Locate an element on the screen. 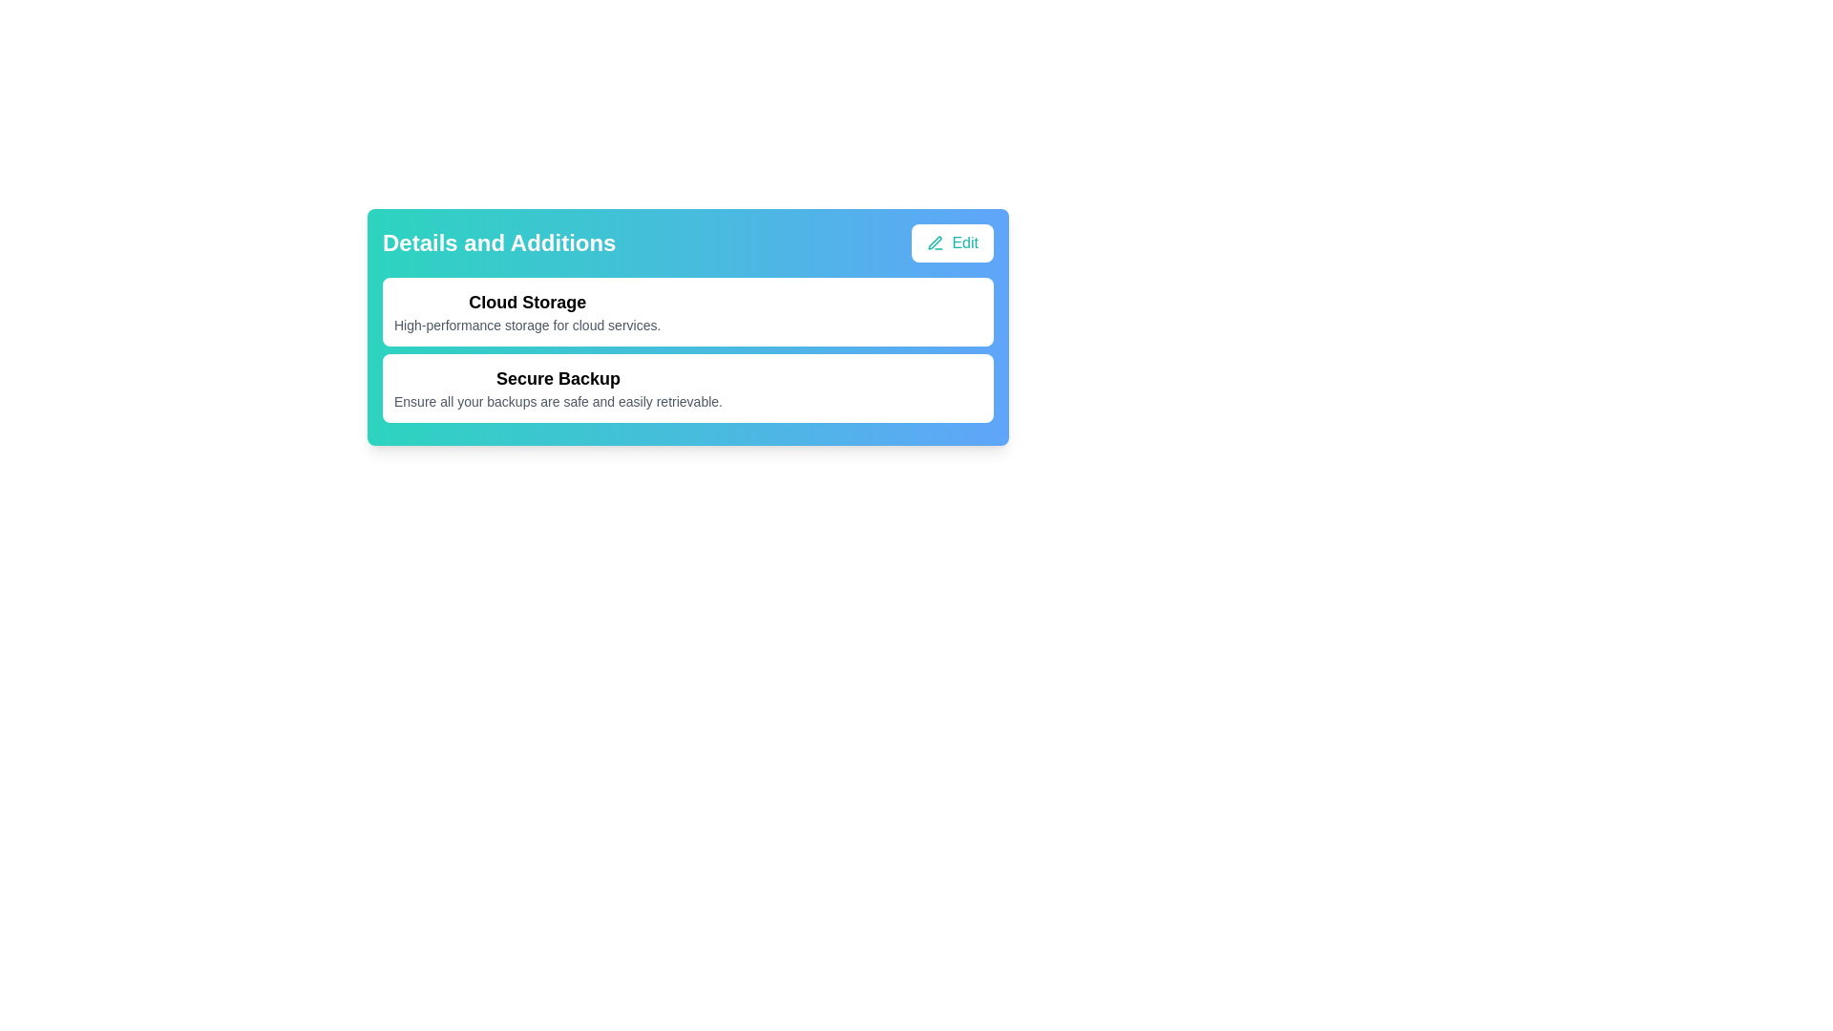  the pen icon located to the left of the 'Edit' text in the top-right corner of the 'Details and Additions' card is located at coordinates (936, 242).